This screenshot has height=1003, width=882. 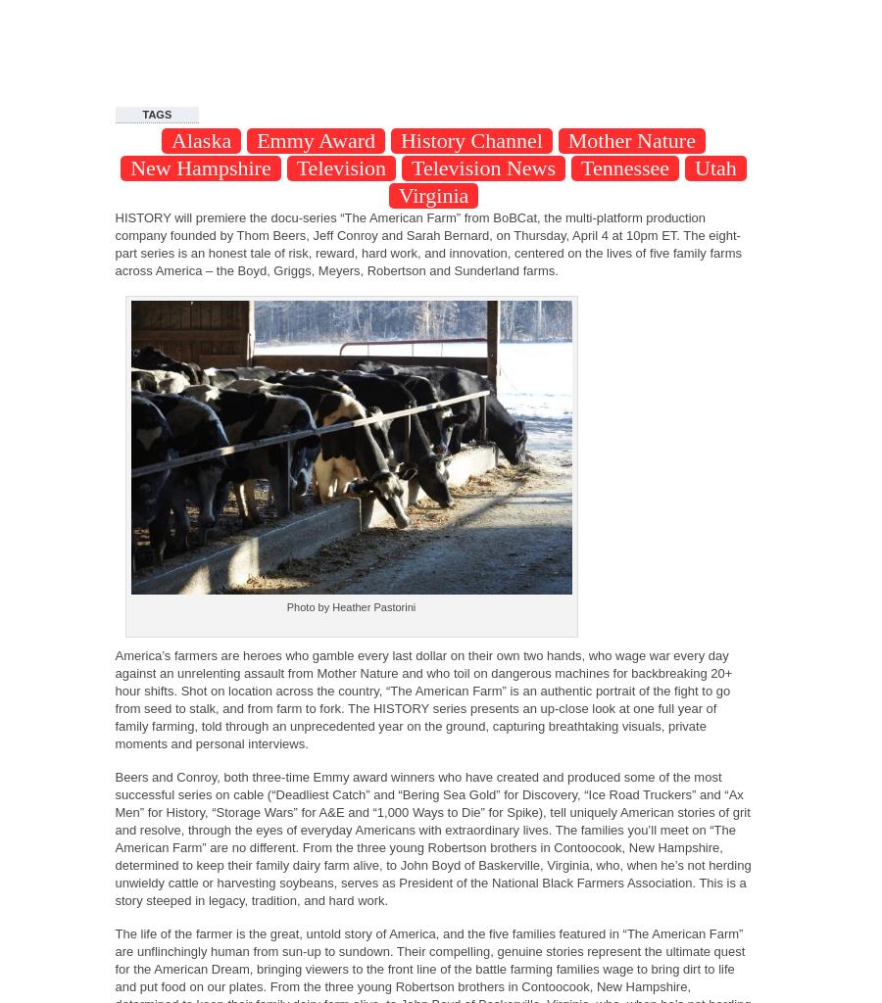 What do you see at coordinates (157, 115) in the screenshot?
I see `'Tags'` at bounding box center [157, 115].